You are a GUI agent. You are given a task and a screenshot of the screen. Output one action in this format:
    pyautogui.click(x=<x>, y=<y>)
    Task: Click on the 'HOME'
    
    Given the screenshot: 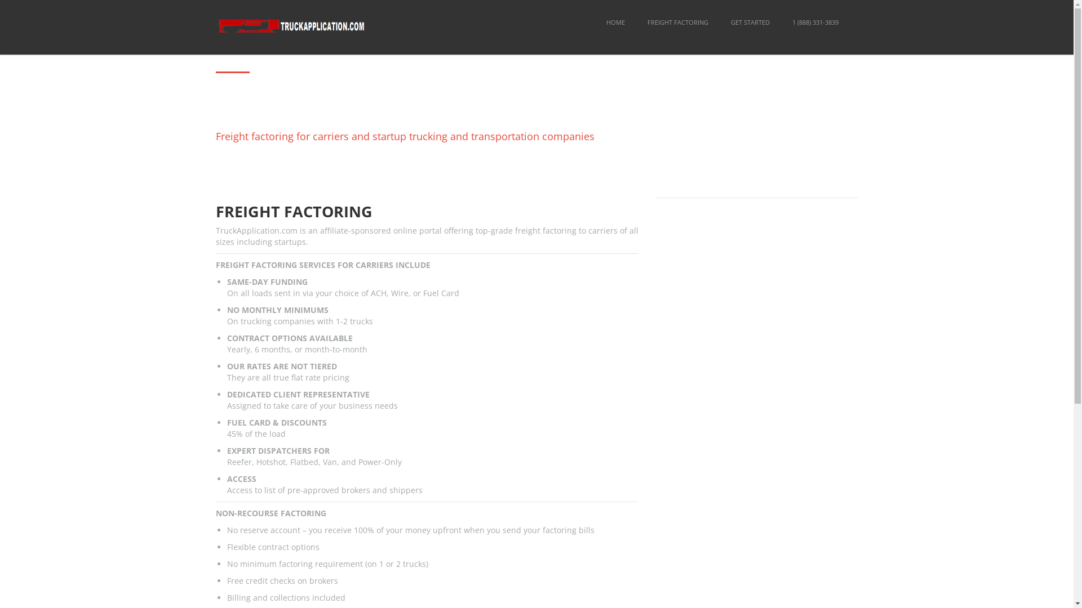 What is the action you would take?
    pyautogui.click(x=684, y=23)
    